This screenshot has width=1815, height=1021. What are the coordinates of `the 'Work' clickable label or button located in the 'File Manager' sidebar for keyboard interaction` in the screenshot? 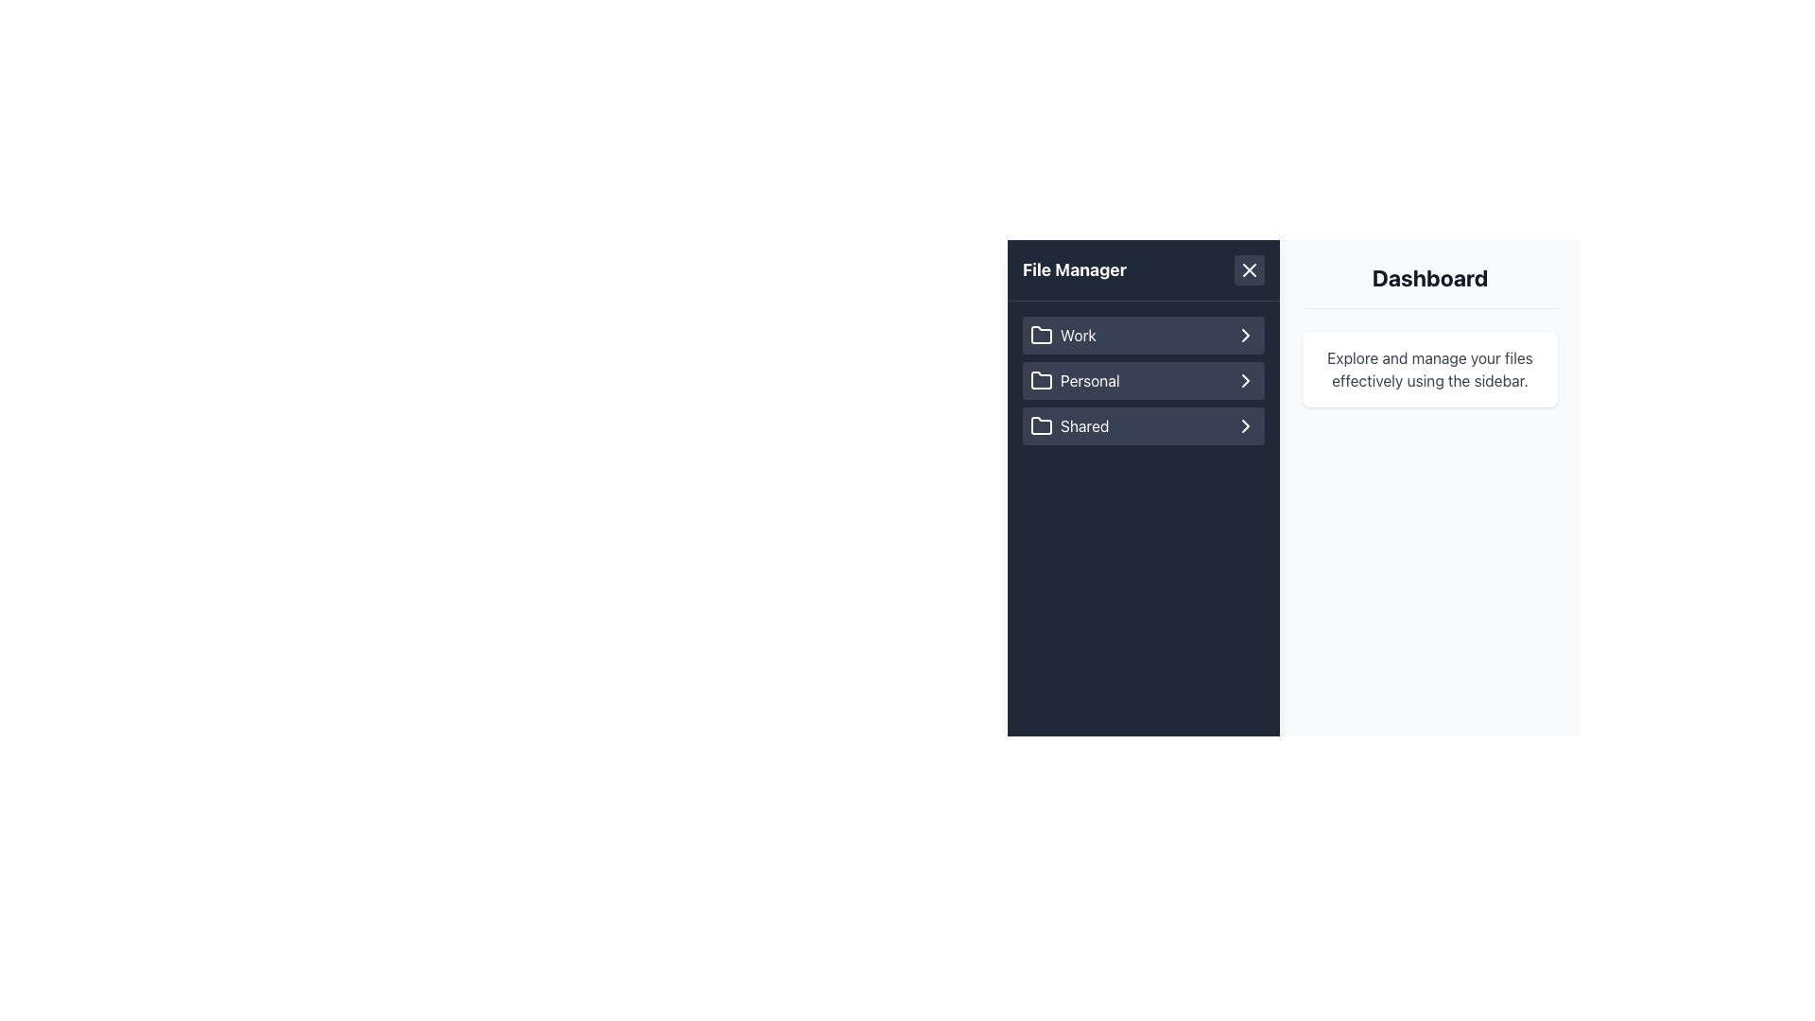 It's located at (1142, 334).